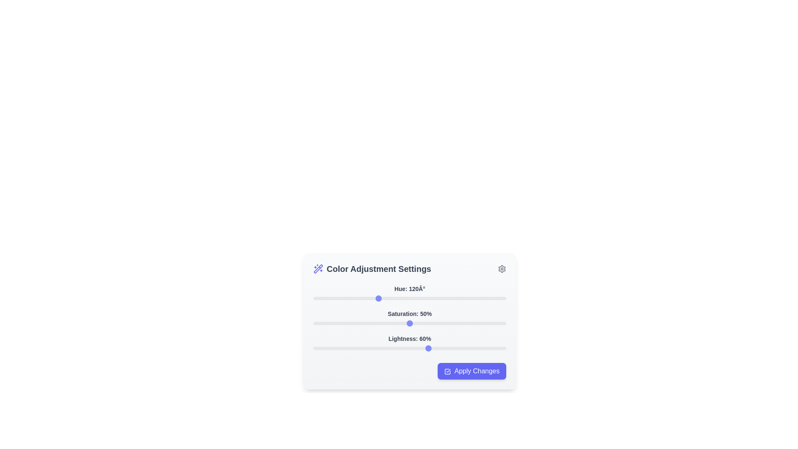 This screenshot has height=449, width=798. I want to click on the grouped component of three sliders for hue, saturation, and lightness within the 'Color Adjustment Settings' dialog, so click(409, 318).